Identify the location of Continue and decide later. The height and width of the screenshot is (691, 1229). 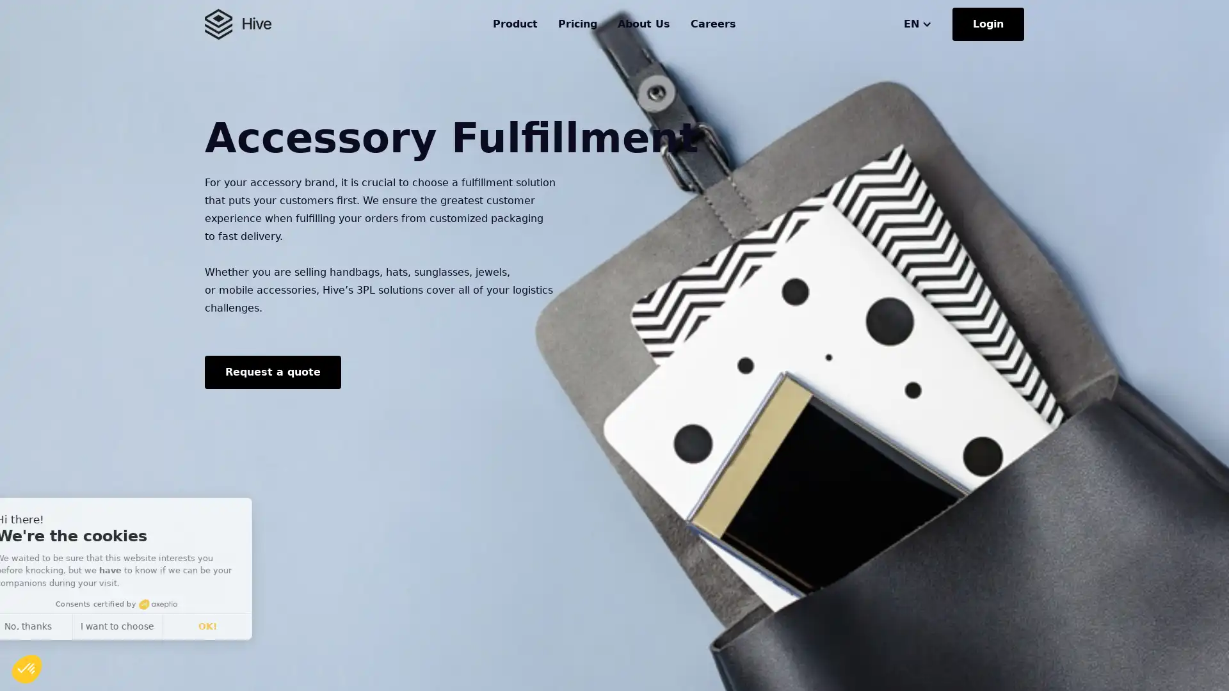
(27, 668).